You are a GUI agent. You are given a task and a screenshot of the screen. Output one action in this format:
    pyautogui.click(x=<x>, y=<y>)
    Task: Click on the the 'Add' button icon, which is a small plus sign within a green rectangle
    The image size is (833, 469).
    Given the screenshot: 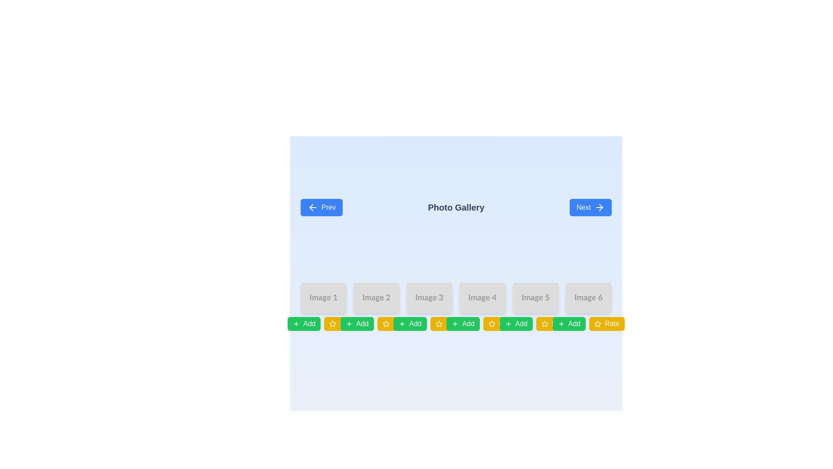 What is the action you would take?
    pyautogui.click(x=296, y=324)
    